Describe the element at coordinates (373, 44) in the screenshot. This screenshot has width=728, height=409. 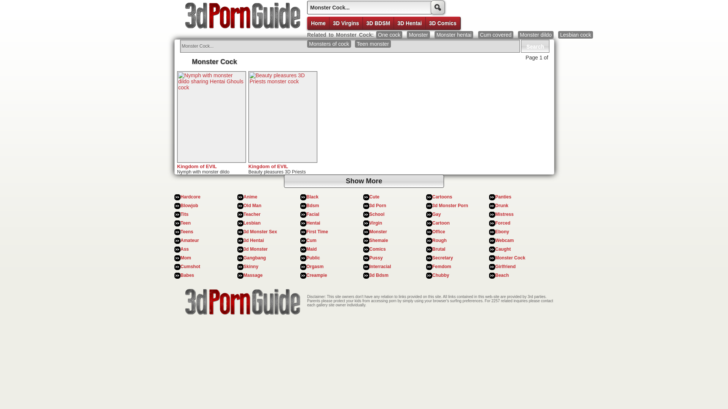
I see `'Teen monster'` at that location.